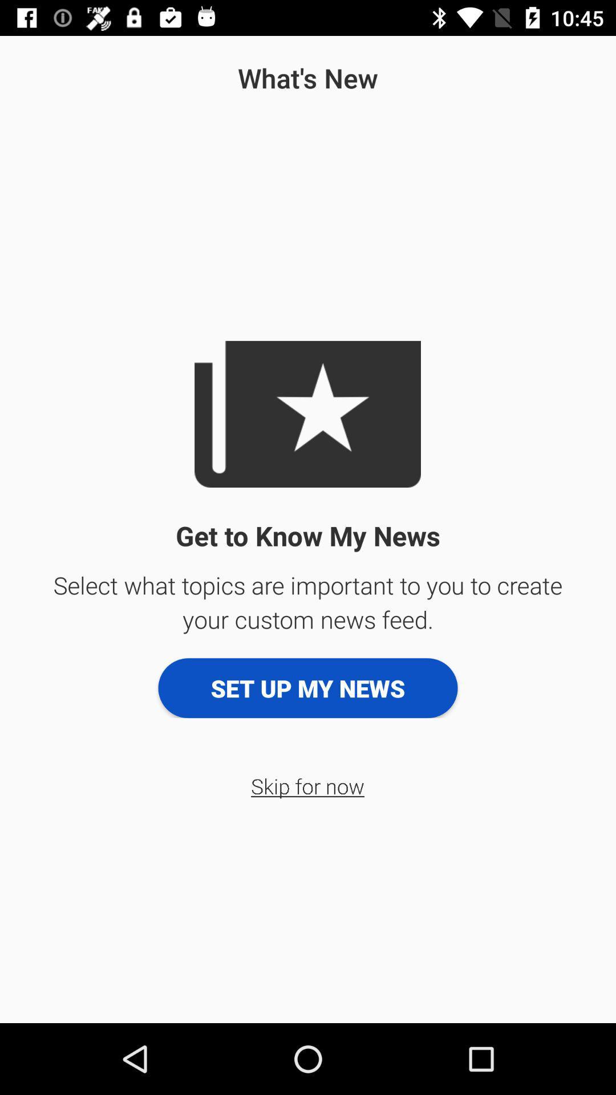  What do you see at coordinates (308, 687) in the screenshot?
I see `icon above skip for now icon` at bounding box center [308, 687].